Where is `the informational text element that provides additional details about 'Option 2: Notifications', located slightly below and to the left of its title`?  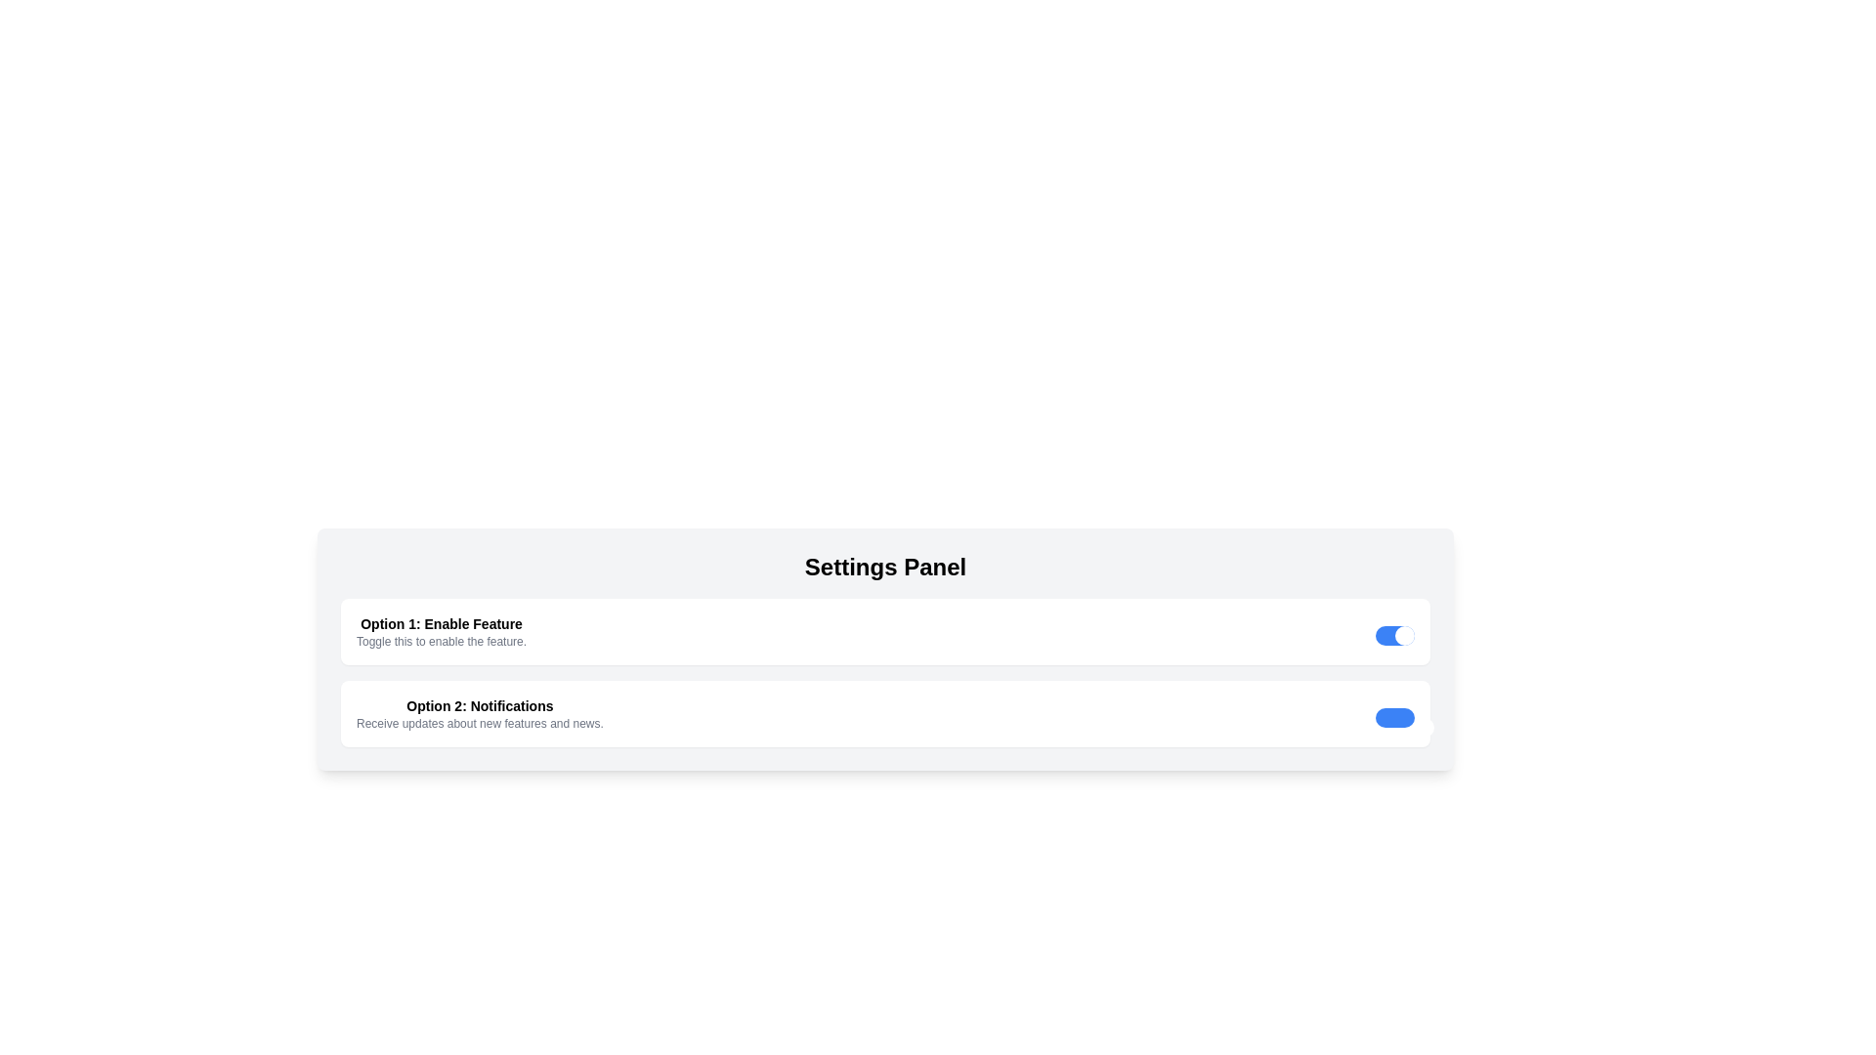
the informational text element that provides additional details about 'Option 2: Notifications', located slightly below and to the left of its title is located at coordinates (480, 723).